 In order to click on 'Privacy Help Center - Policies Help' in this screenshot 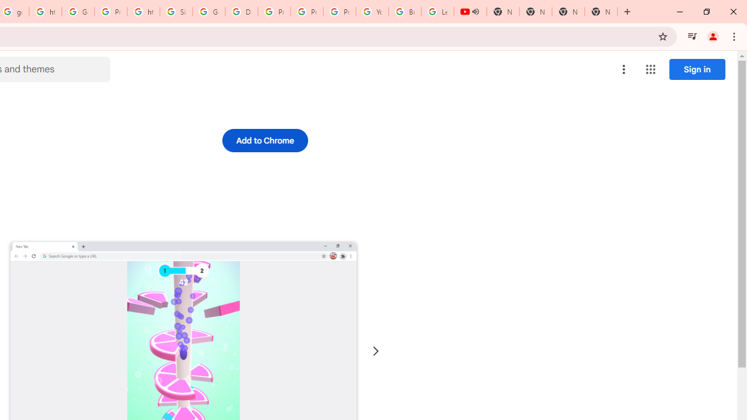, I will do `click(307, 12)`.